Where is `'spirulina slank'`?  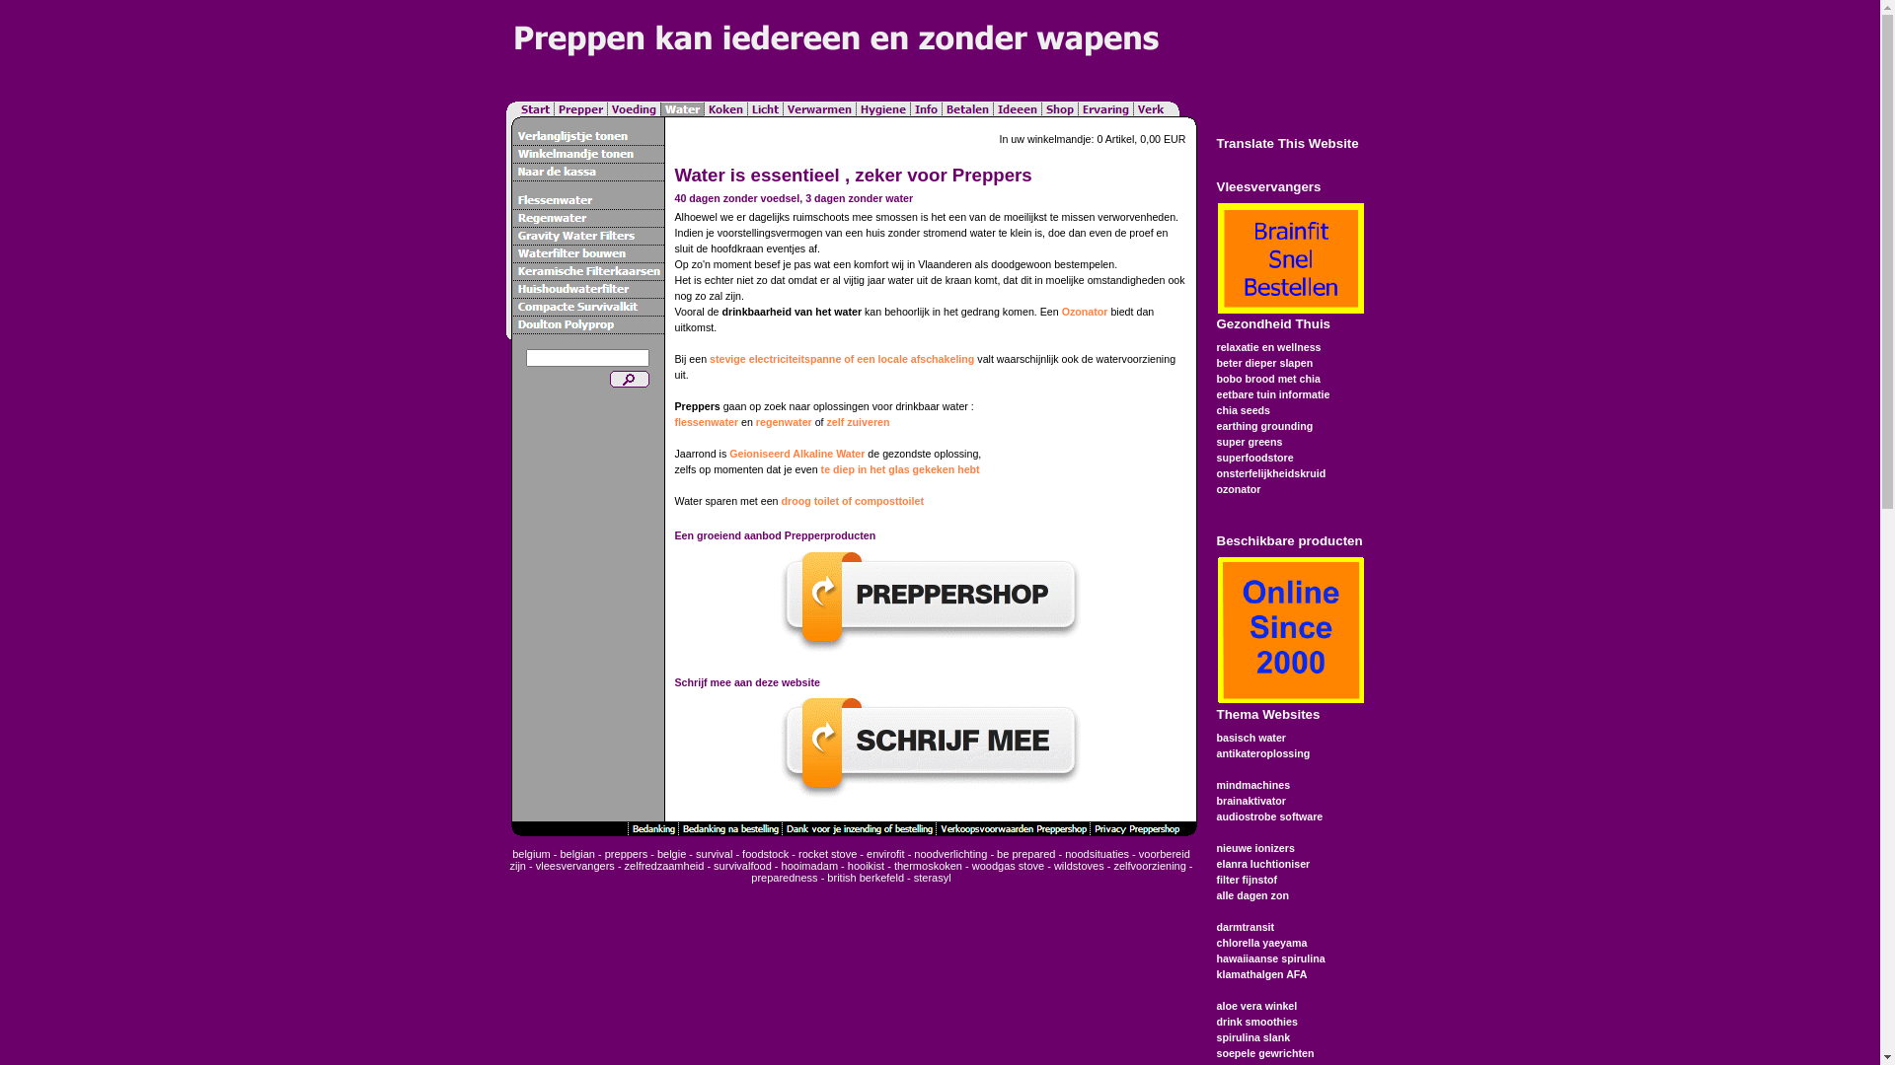 'spirulina slank' is located at coordinates (1251, 1036).